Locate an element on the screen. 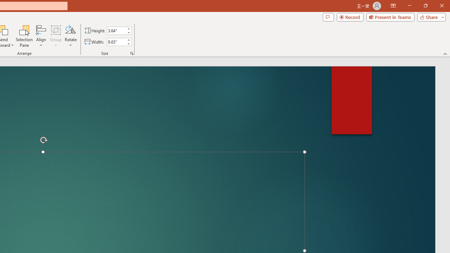 The image size is (450, 253). 'Minimize' is located at coordinates (409, 6).